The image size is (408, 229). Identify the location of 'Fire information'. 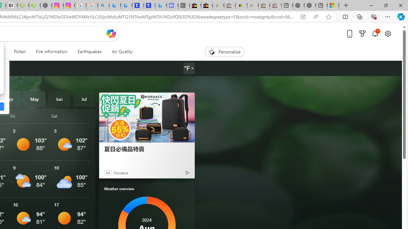
(52, 52).